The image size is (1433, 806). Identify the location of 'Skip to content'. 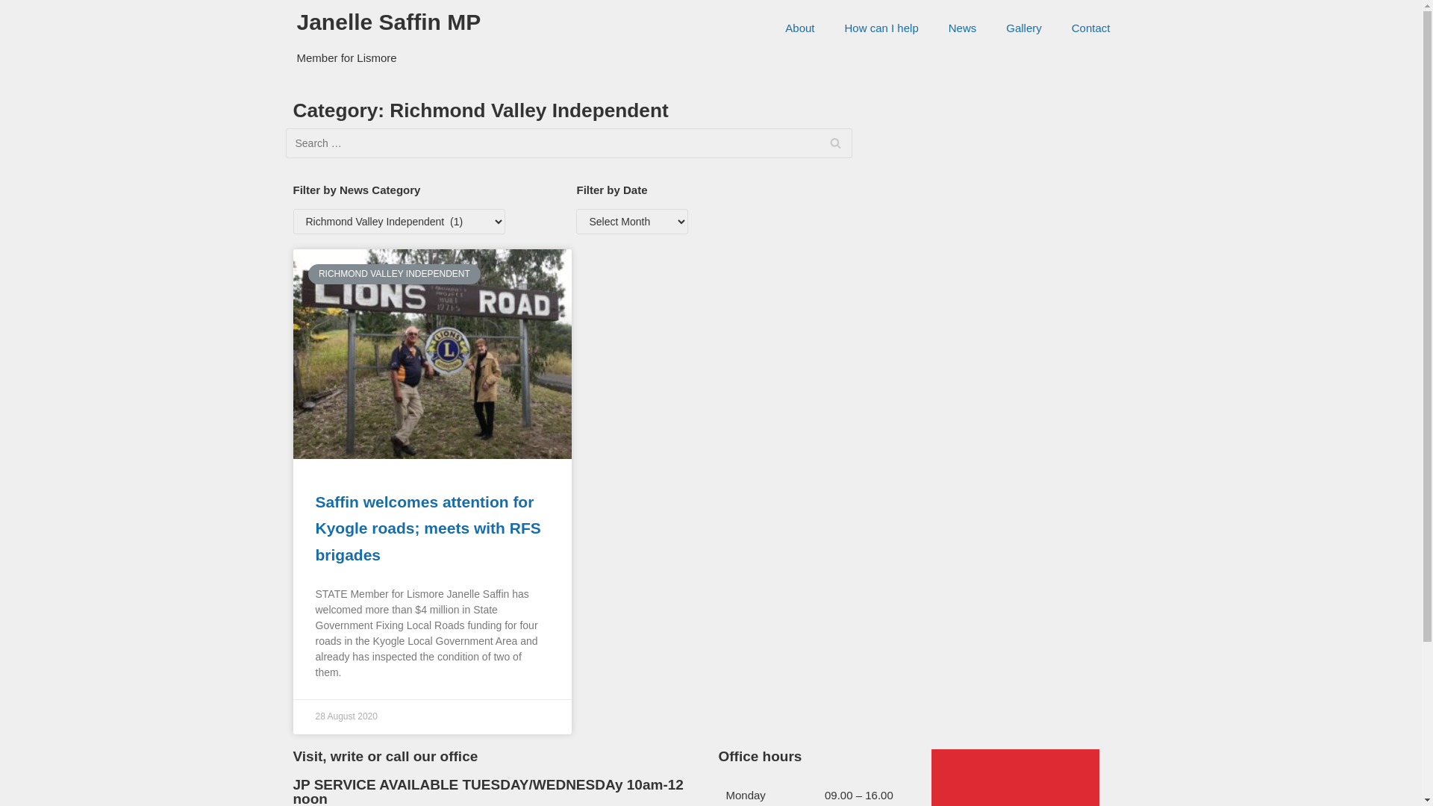
(0, 7).